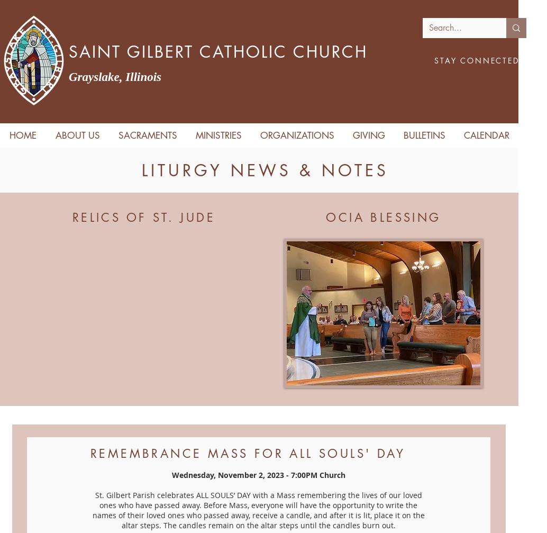  What do you see at coordinates (383, 217) in the screenshot?
I see `'OCIA BLESSING'` at bounding box center [383, 217].